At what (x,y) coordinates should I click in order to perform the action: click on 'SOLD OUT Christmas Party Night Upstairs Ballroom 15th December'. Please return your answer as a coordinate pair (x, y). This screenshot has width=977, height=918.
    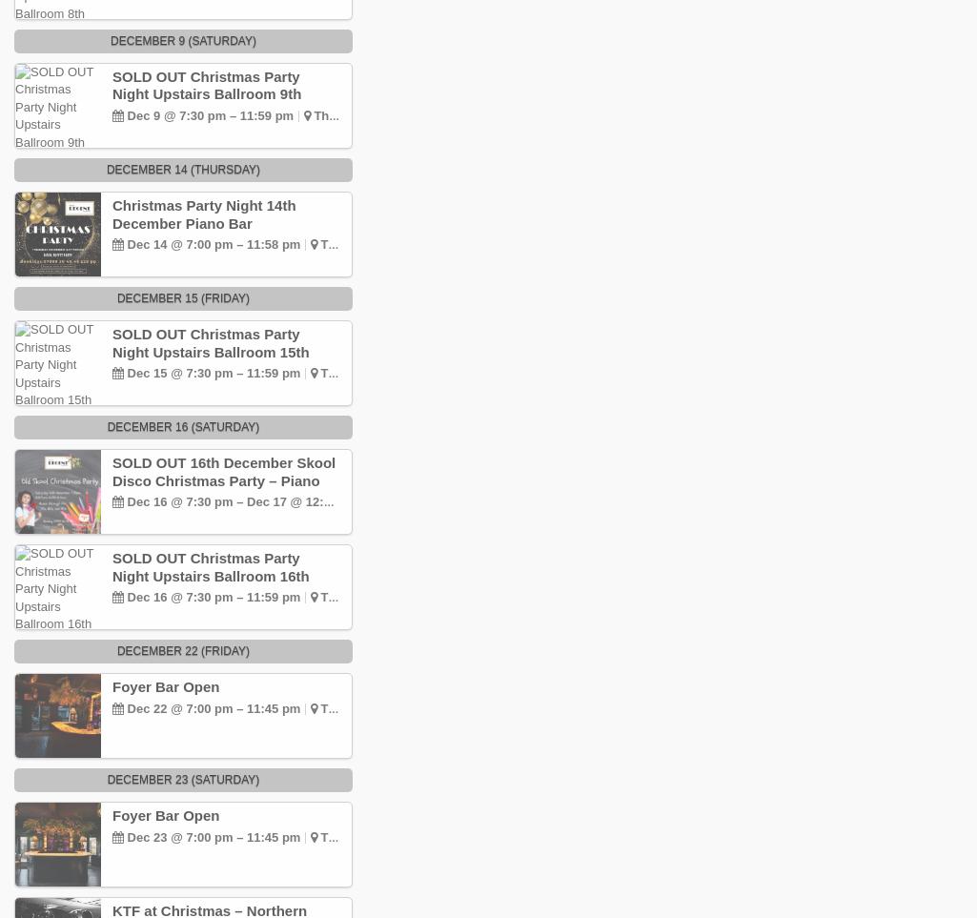
    Looking at the image, I should click on (210, 351).